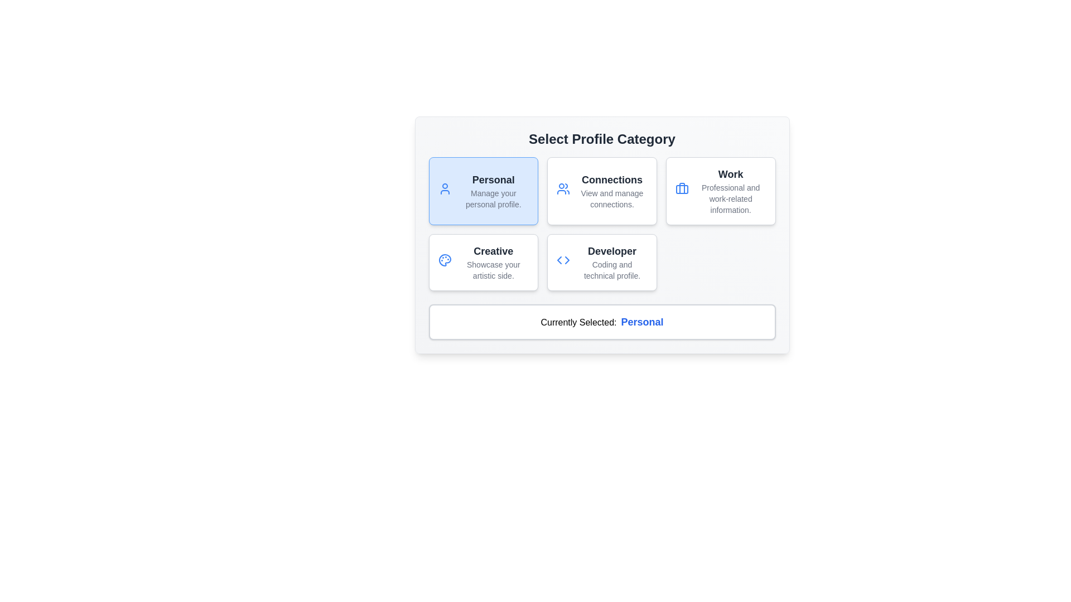  What do you see at coordinates (493, 191) in the screenshot?
I see `the blue-highlighted card displaying 'Personal' in bold black font` at bounding box center [493, 191].